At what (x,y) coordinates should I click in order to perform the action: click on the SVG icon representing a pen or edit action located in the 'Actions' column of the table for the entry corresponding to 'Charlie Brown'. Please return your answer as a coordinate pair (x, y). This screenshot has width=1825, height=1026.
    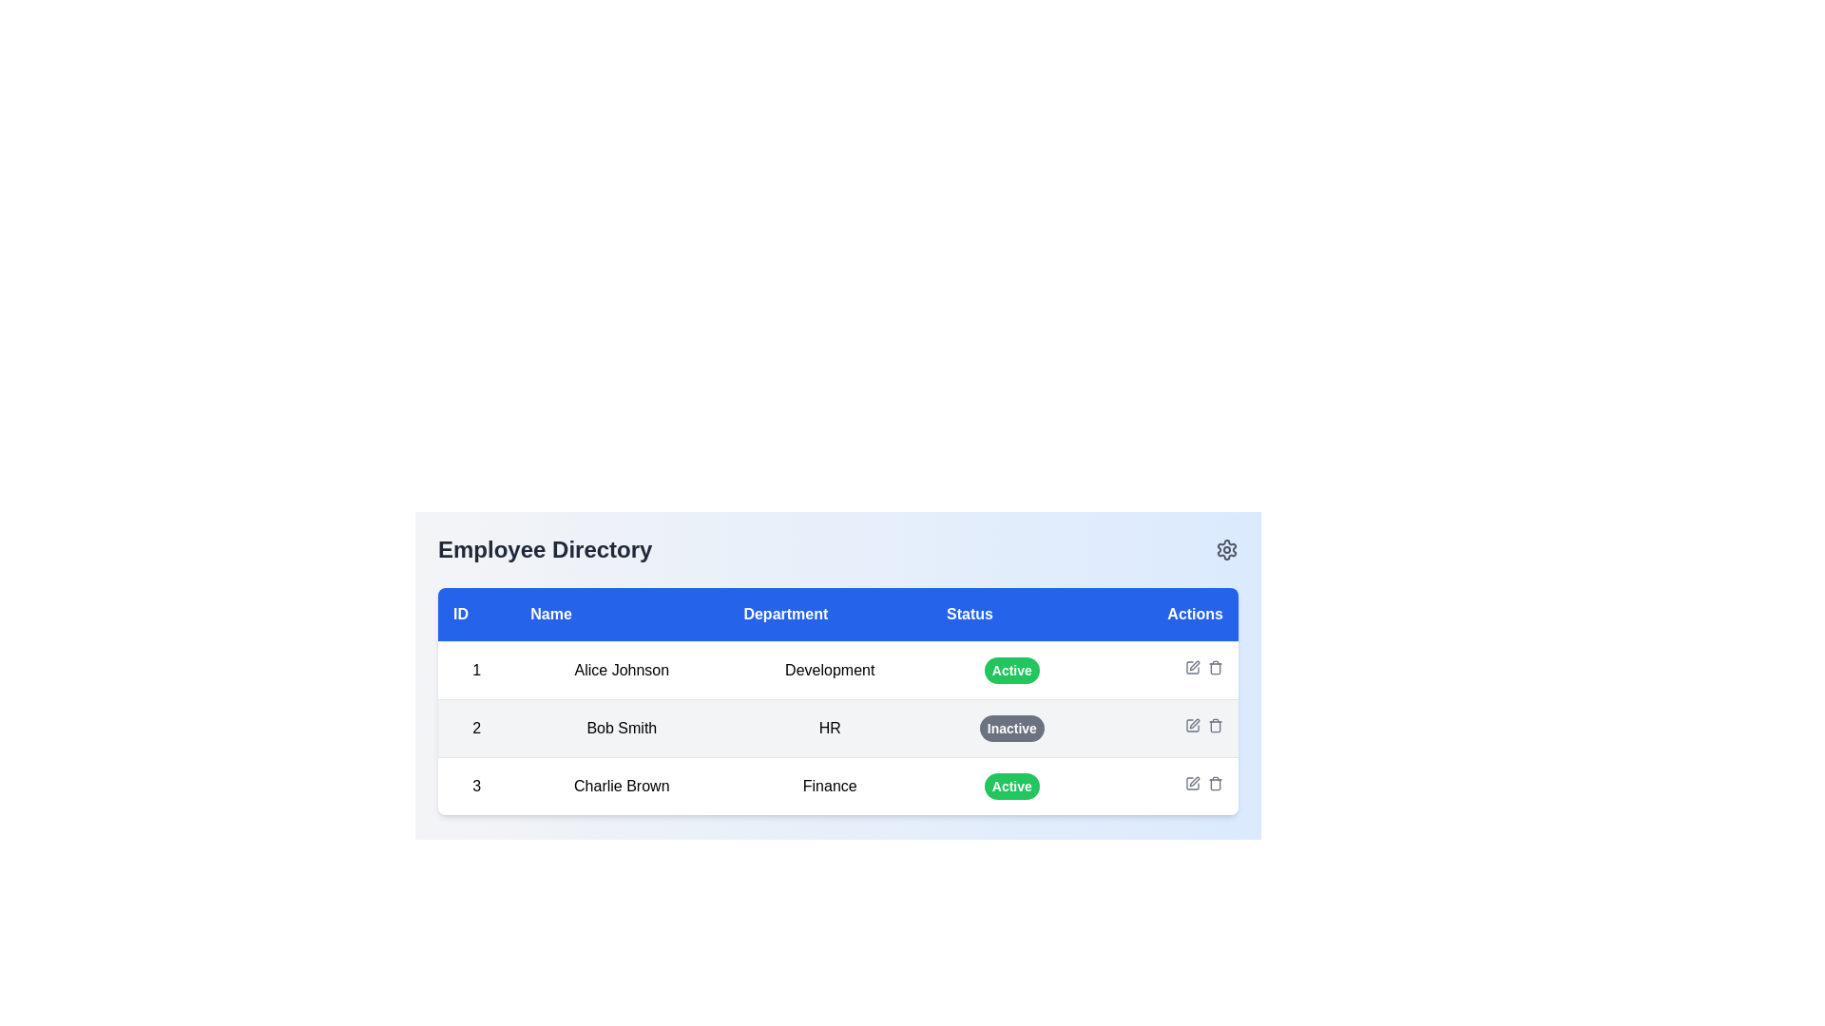
    Looking at the image, I should click on (1194, 781).